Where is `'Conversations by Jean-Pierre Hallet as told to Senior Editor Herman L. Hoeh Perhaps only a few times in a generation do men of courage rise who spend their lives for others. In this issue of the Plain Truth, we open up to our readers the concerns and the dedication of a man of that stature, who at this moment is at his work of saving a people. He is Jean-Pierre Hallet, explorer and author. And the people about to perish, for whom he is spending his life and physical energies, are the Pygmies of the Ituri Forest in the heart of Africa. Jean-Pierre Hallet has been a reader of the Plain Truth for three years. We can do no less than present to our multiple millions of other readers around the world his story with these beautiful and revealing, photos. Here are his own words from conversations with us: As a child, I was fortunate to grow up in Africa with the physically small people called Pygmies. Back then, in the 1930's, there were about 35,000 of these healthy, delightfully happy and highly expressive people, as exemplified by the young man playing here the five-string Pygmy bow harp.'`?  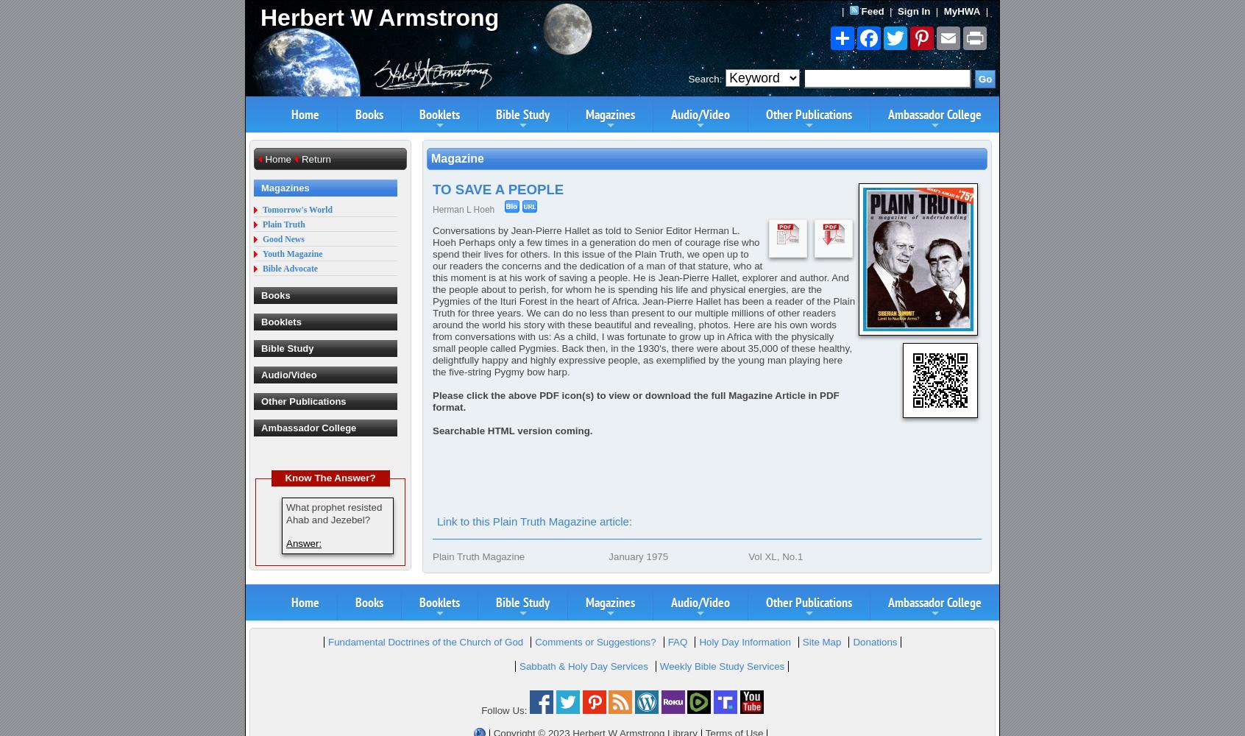
'Conversations by Jean-Pierre Hallet as told to Senior Editor Herman L. Hoeh Perhaps only a few times in a generation do men of courage rise who spend their lives for others. In this issue of the Plain Truth, we open up to our readers the concerns and the dedication of a man of that stature, who at this moment is at his work of saving a people. He is Jean-Pierre Hallet, explorer and author. And the people about to perish, for whom he is spending his life and physical energies, are the Pygmies of the Ituri Forest in the heart of Africa. Jean-Pierre Hallet has been a reader of the Plain Truth for three years. We can do no less than present to our multiple millions of other readers around the world his story with these beautiful and revealing, photos. Here are his own words from conversations with us: As a child, I was fortunate to grow up in Africa with the physically small people called Pygmies. Back then, in the 1930's, there were about 35,000 of these healthy, delightfully happy and highly expressive people, as exemplified by the young man playing here the five-string Pygmy bow harp.' is located at coordinates (642, 301).